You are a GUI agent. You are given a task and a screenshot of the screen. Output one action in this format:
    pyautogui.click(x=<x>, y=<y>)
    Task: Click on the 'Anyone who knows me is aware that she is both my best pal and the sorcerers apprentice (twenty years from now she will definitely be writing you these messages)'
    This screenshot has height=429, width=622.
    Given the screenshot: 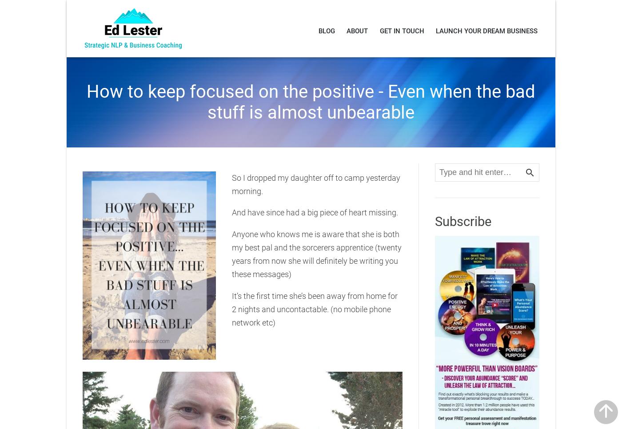 What is the action you would take?
    pyautogui.click(x=316, y=253)
    